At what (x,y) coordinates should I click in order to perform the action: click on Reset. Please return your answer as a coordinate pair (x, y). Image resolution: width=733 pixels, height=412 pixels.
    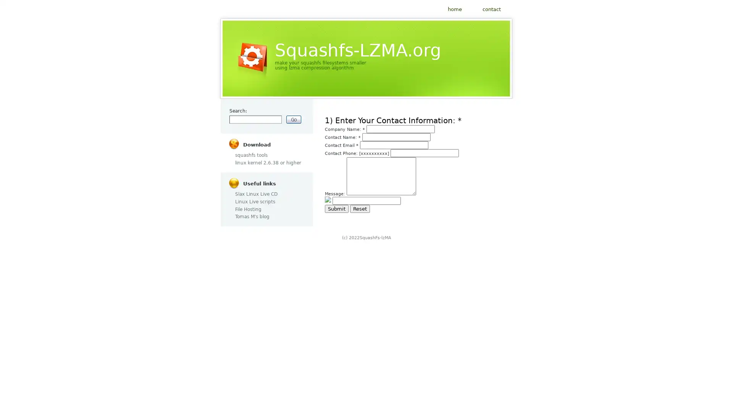
    Looking at the image, I should click on (359, 208).